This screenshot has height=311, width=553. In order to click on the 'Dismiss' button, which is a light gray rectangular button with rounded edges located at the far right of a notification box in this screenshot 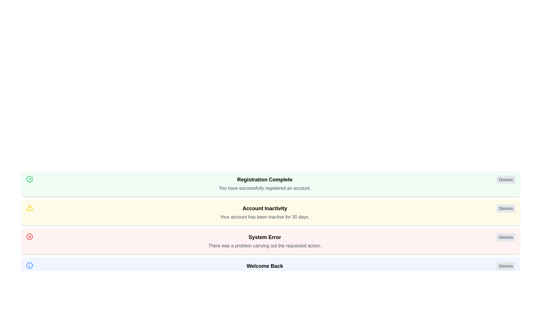, I will do `click(505, 266)`.